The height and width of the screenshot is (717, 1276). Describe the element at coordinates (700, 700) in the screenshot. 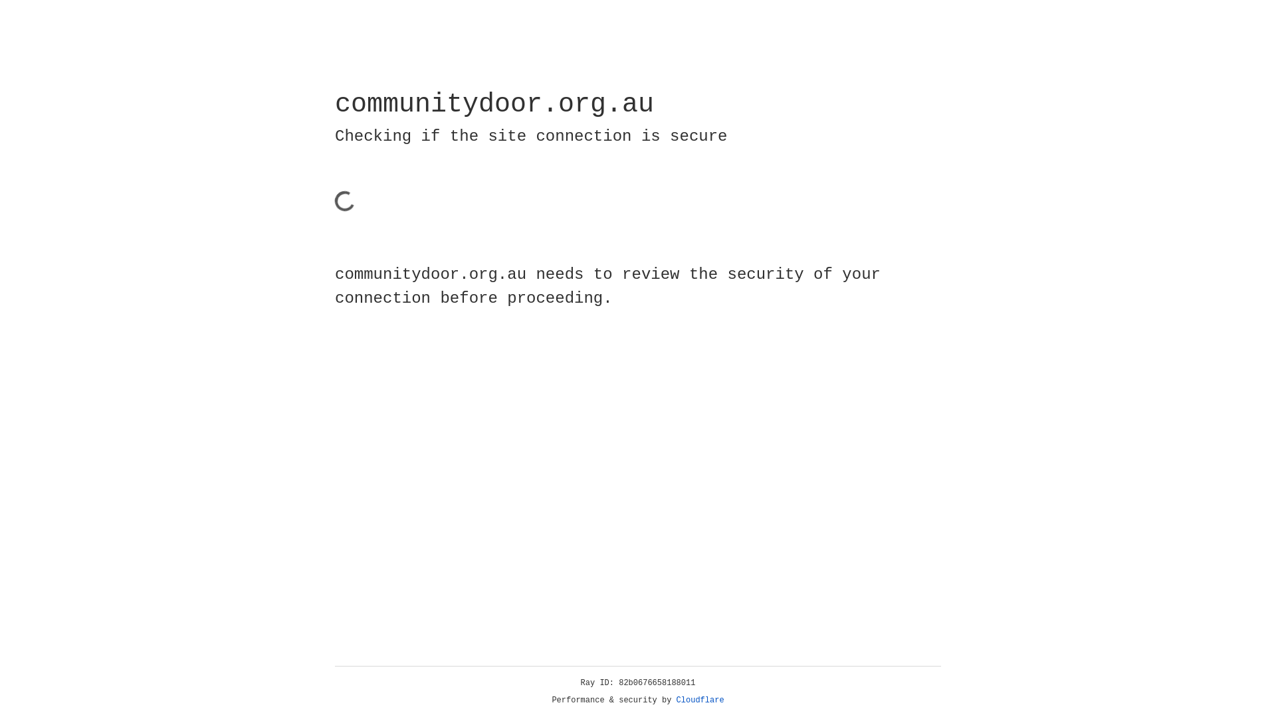

I see `'Cloudflare'` at that location.